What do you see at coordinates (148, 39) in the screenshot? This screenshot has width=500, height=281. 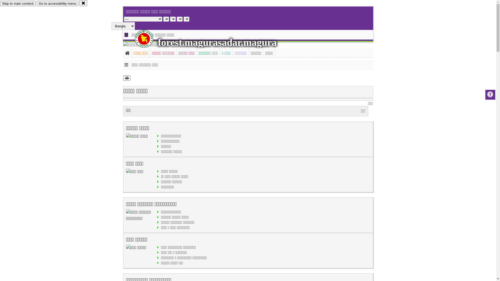 I see `'` at bounding box center [148, 39].